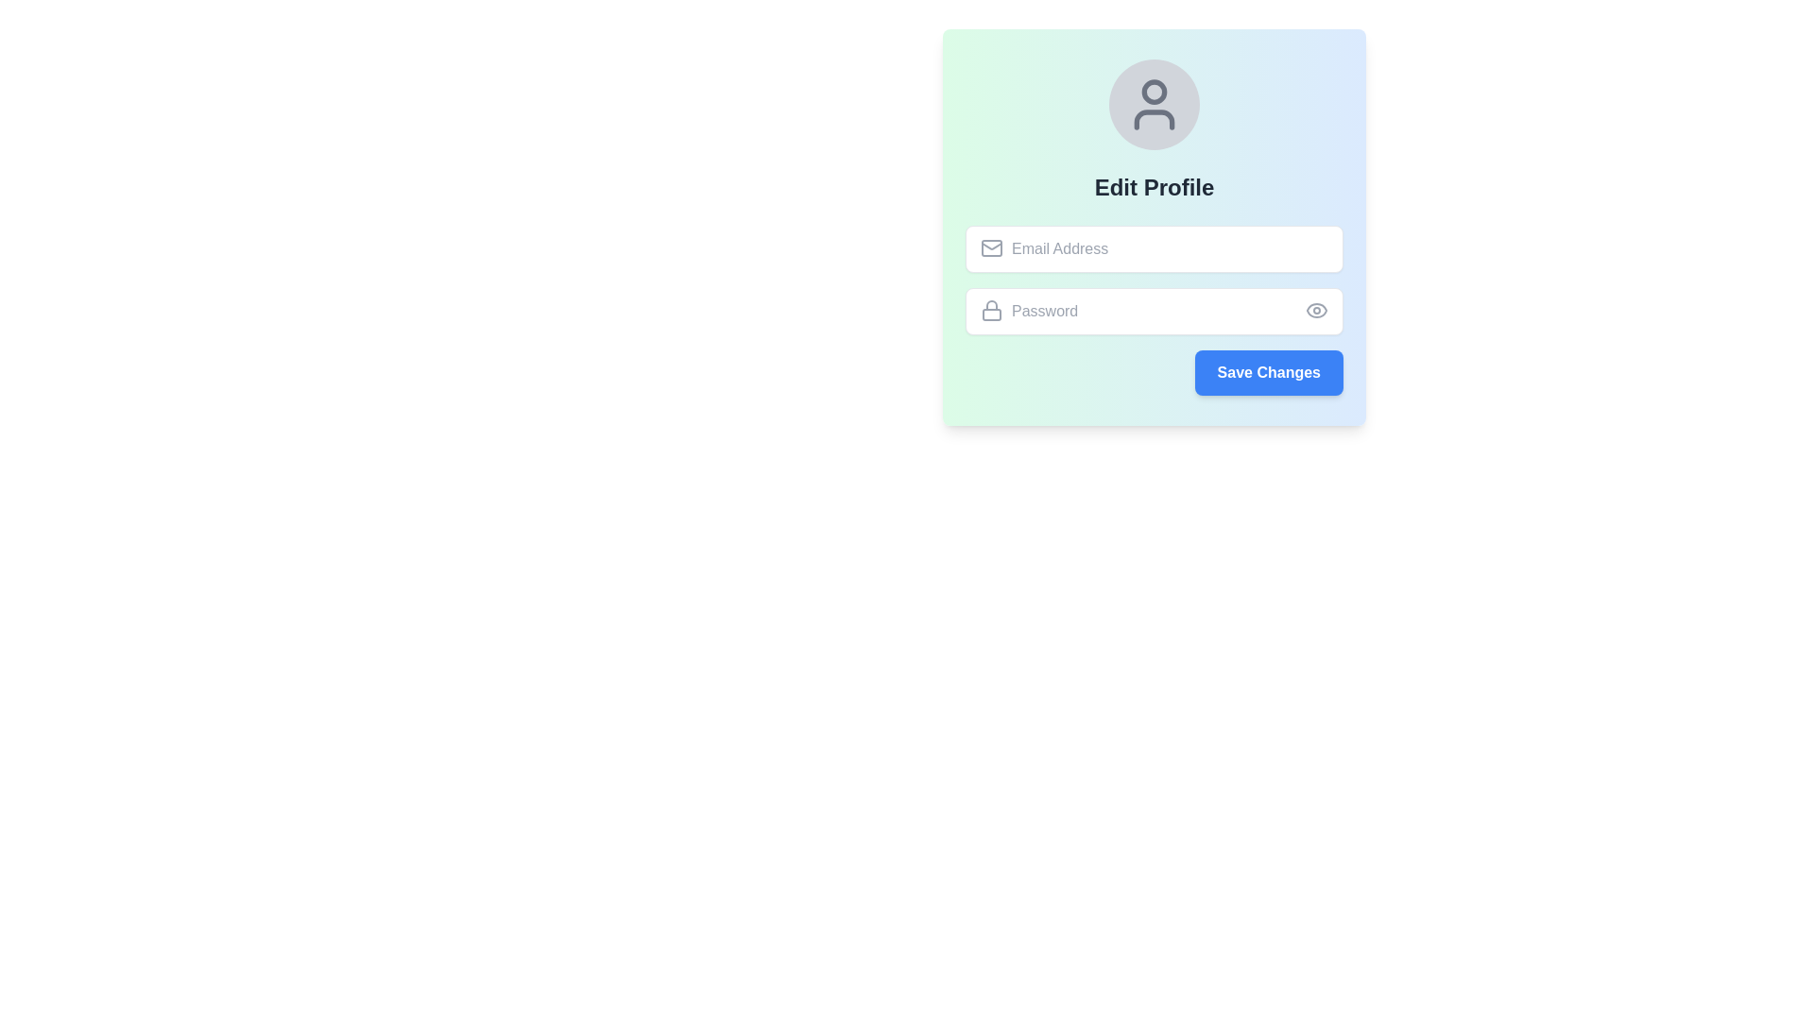  Describe the element at coordinates (1154, 91) in the screenshot. I see `the upper circular part of the user figure icon, which represents the head portion of the user profile depiction` at that location.